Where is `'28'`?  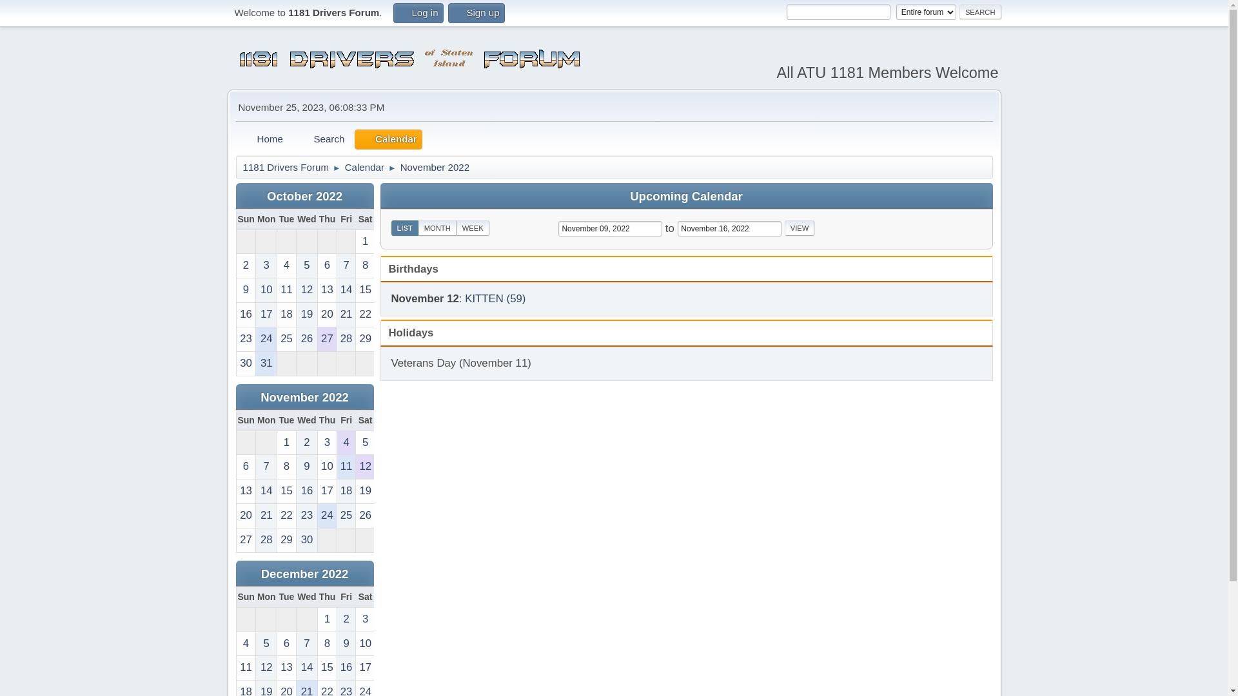 '28' is located at coordinates (337, 338).